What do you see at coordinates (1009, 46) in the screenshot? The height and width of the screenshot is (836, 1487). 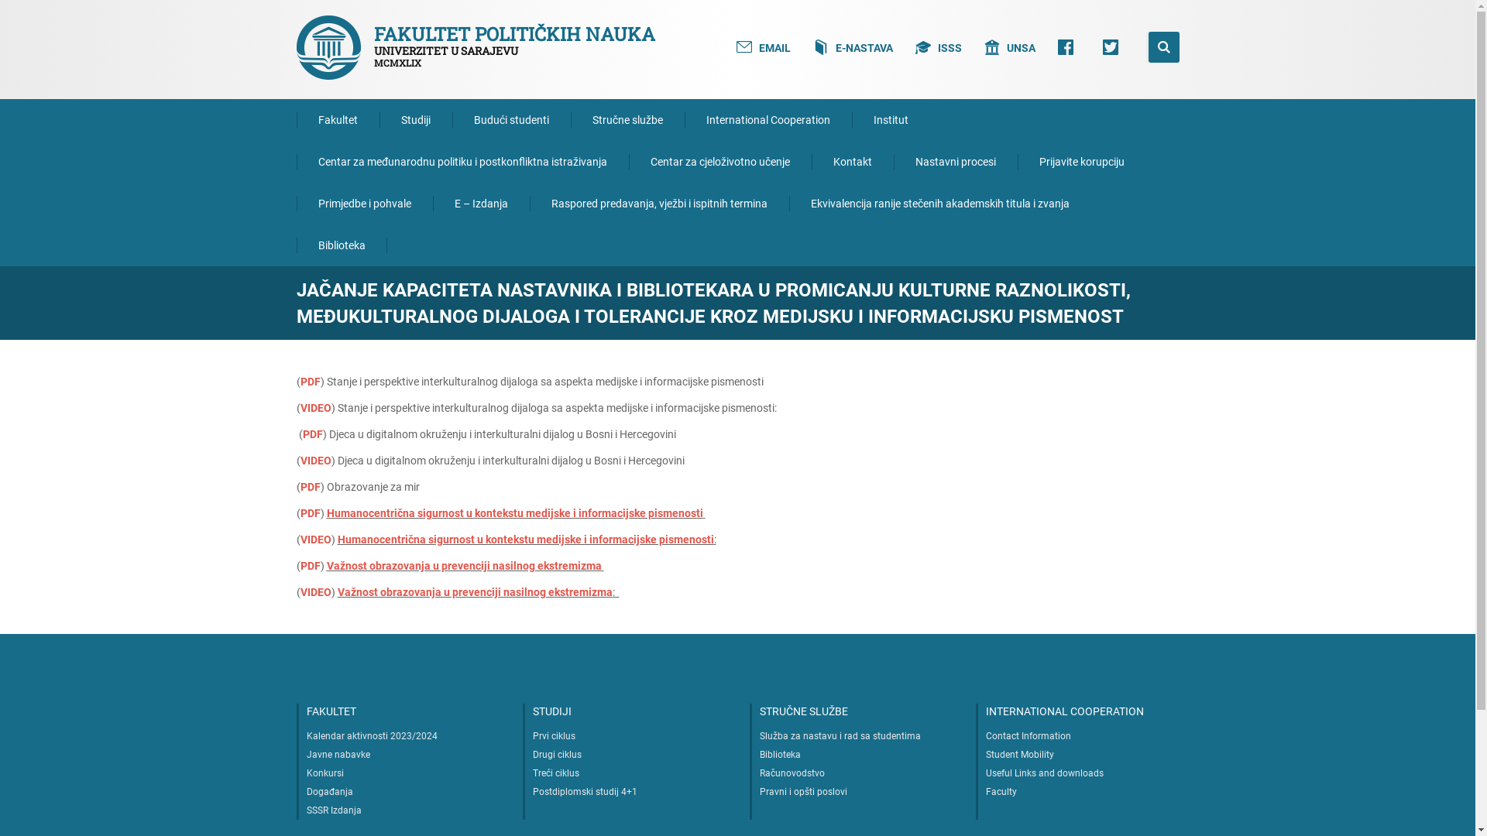 I see `'UNSA'` at bounding box center [1009, 46].